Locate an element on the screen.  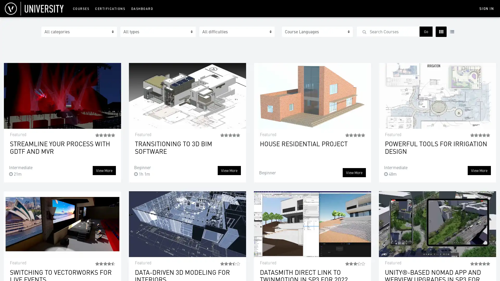
View More is located at coordinates (479, 170).